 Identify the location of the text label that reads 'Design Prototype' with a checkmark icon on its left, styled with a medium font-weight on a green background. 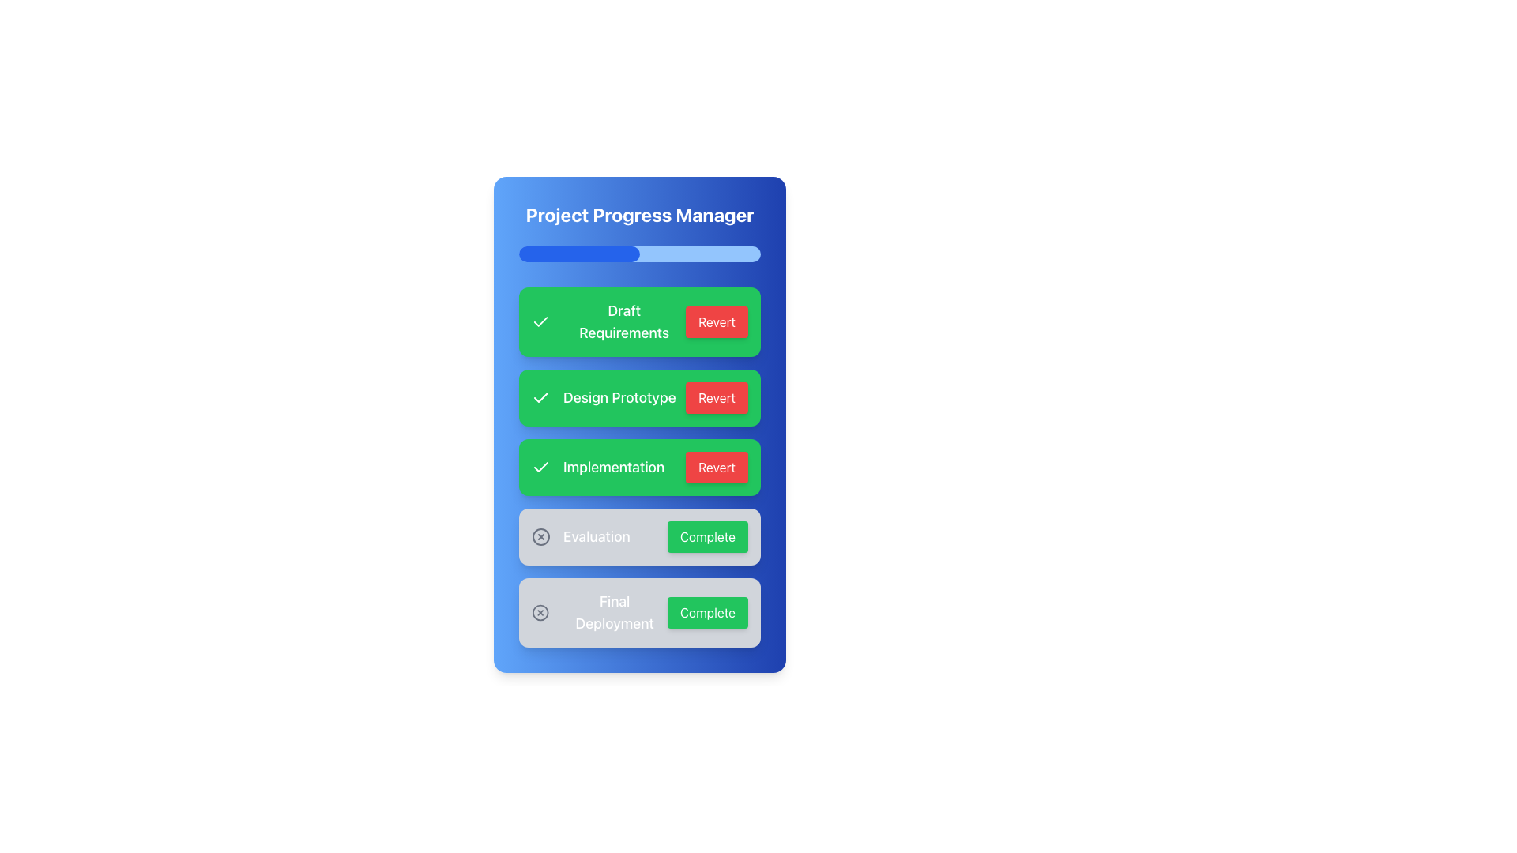
(603, 397).